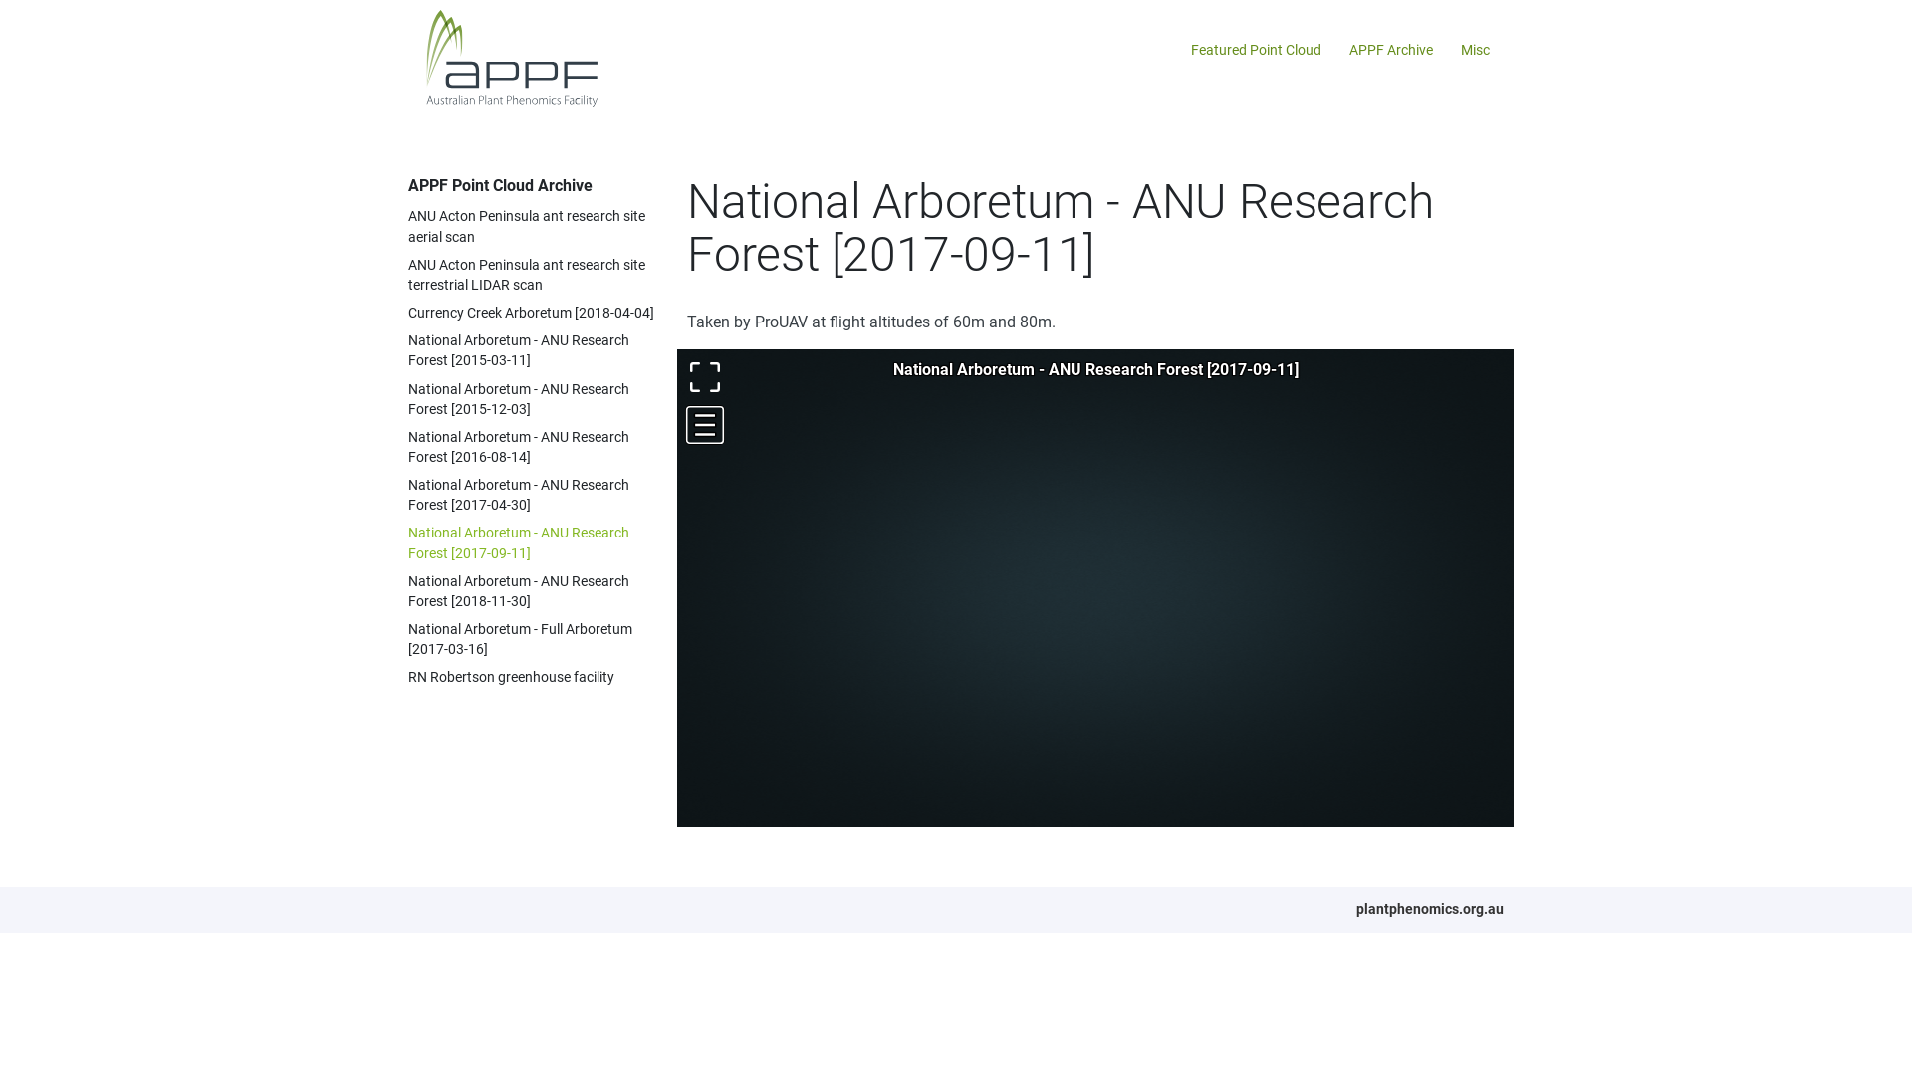 This screenshot has width=1912, height=1075. I want to click on 'APPF Archive', so click(1334, 49).